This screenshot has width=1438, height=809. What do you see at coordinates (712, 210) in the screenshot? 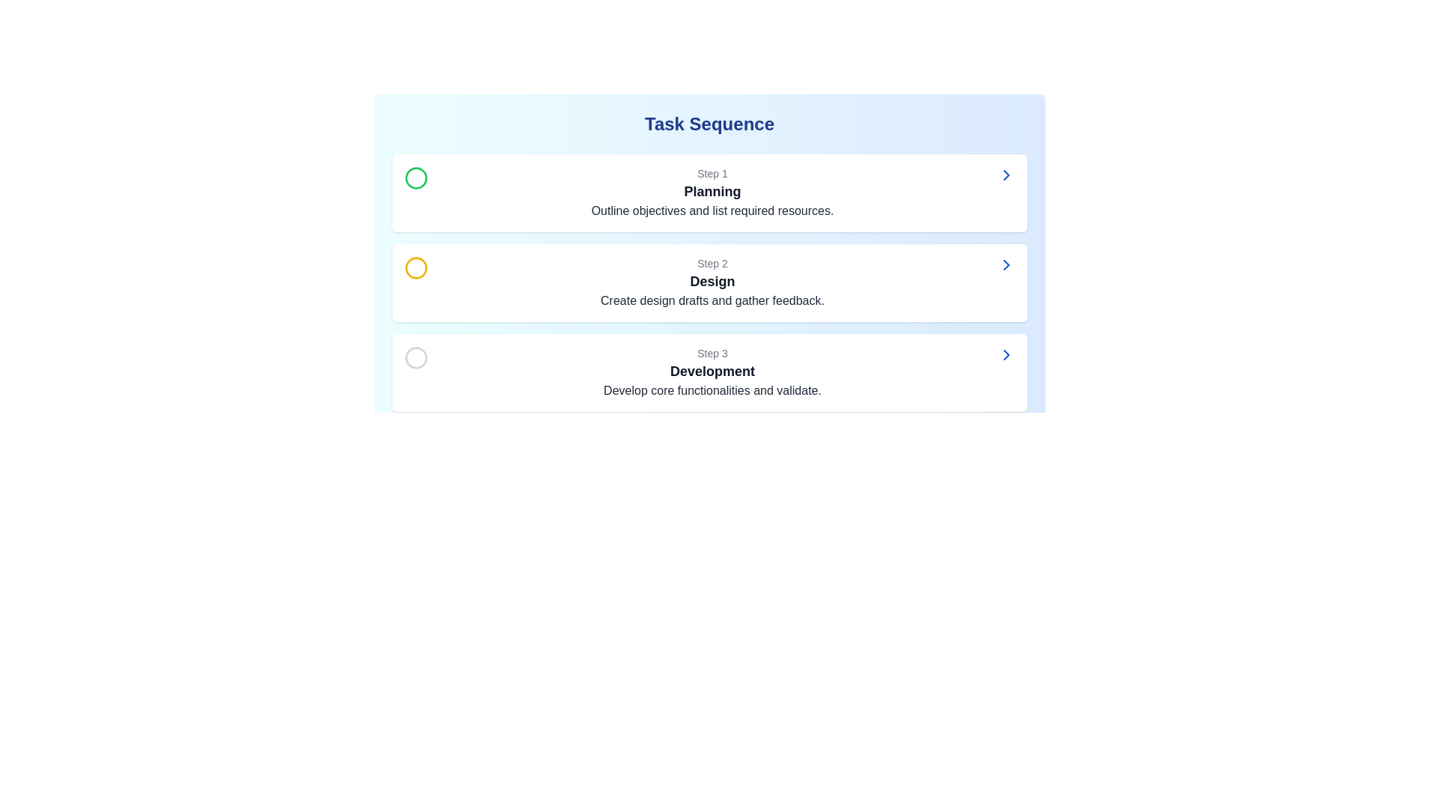
I see `the text block that states 'Outline objectives and list required resources.', which is styled with a gray font beneath the 'Planning' header` at bounding box center [712, 210].